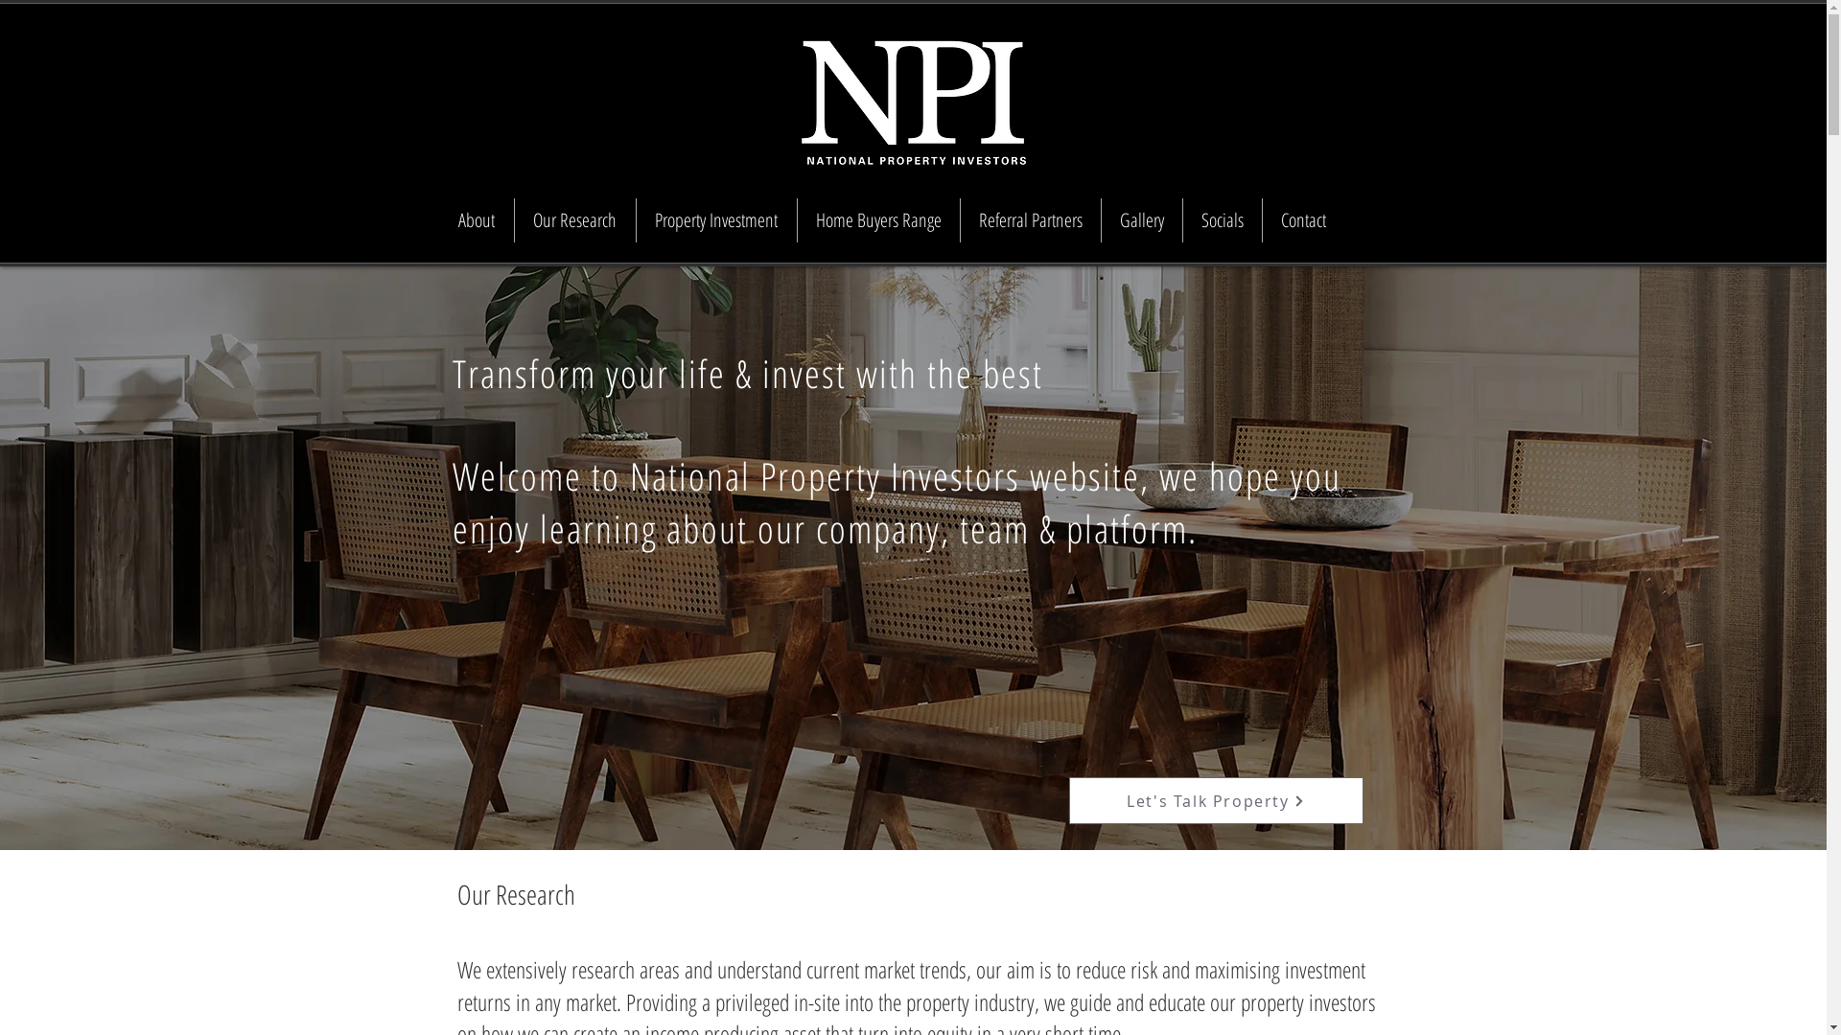 The image size is (1841, 1035). Describe the element at coordinates (1028, 219) in the screenshot. I see `'Referral Partners'` at that location.